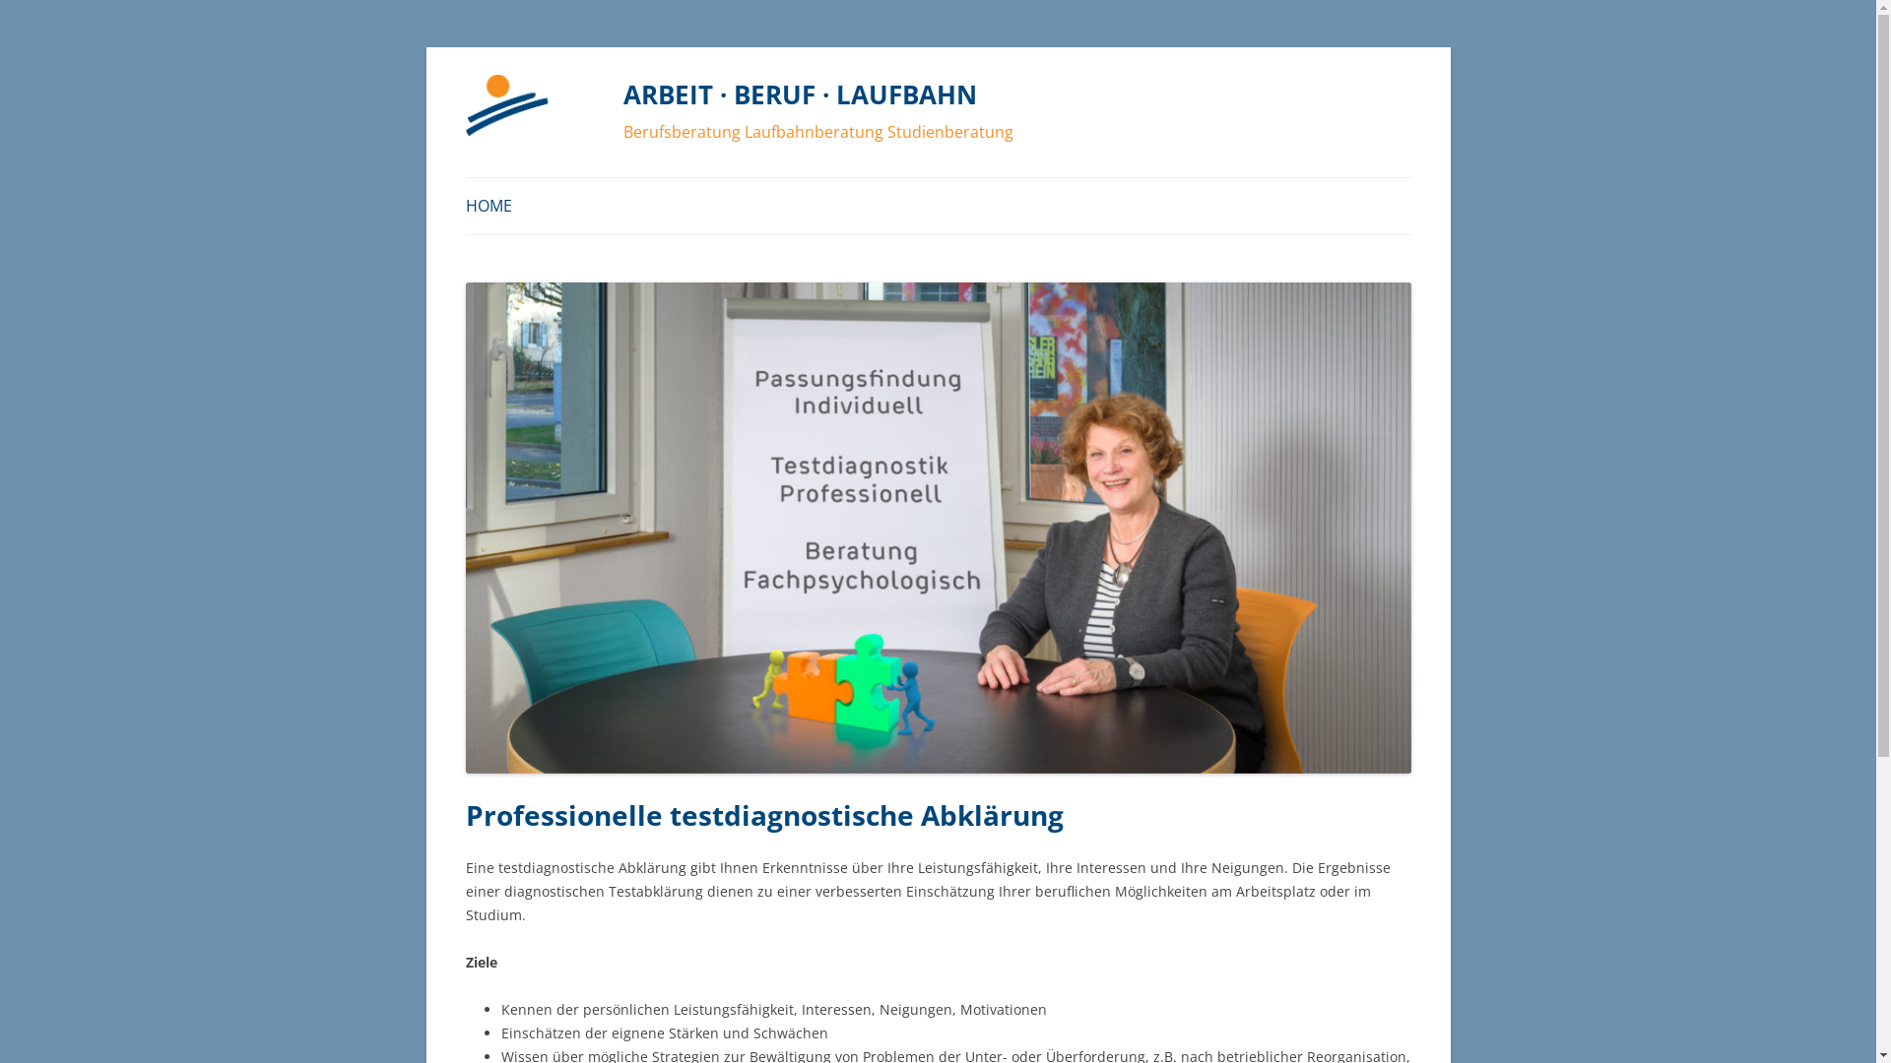 This screenshot has width=1891, height=1063. What do you see at coordinates (488, 206) in the screenshot?
I see `'HOME'` at bounding box center [488, 206].